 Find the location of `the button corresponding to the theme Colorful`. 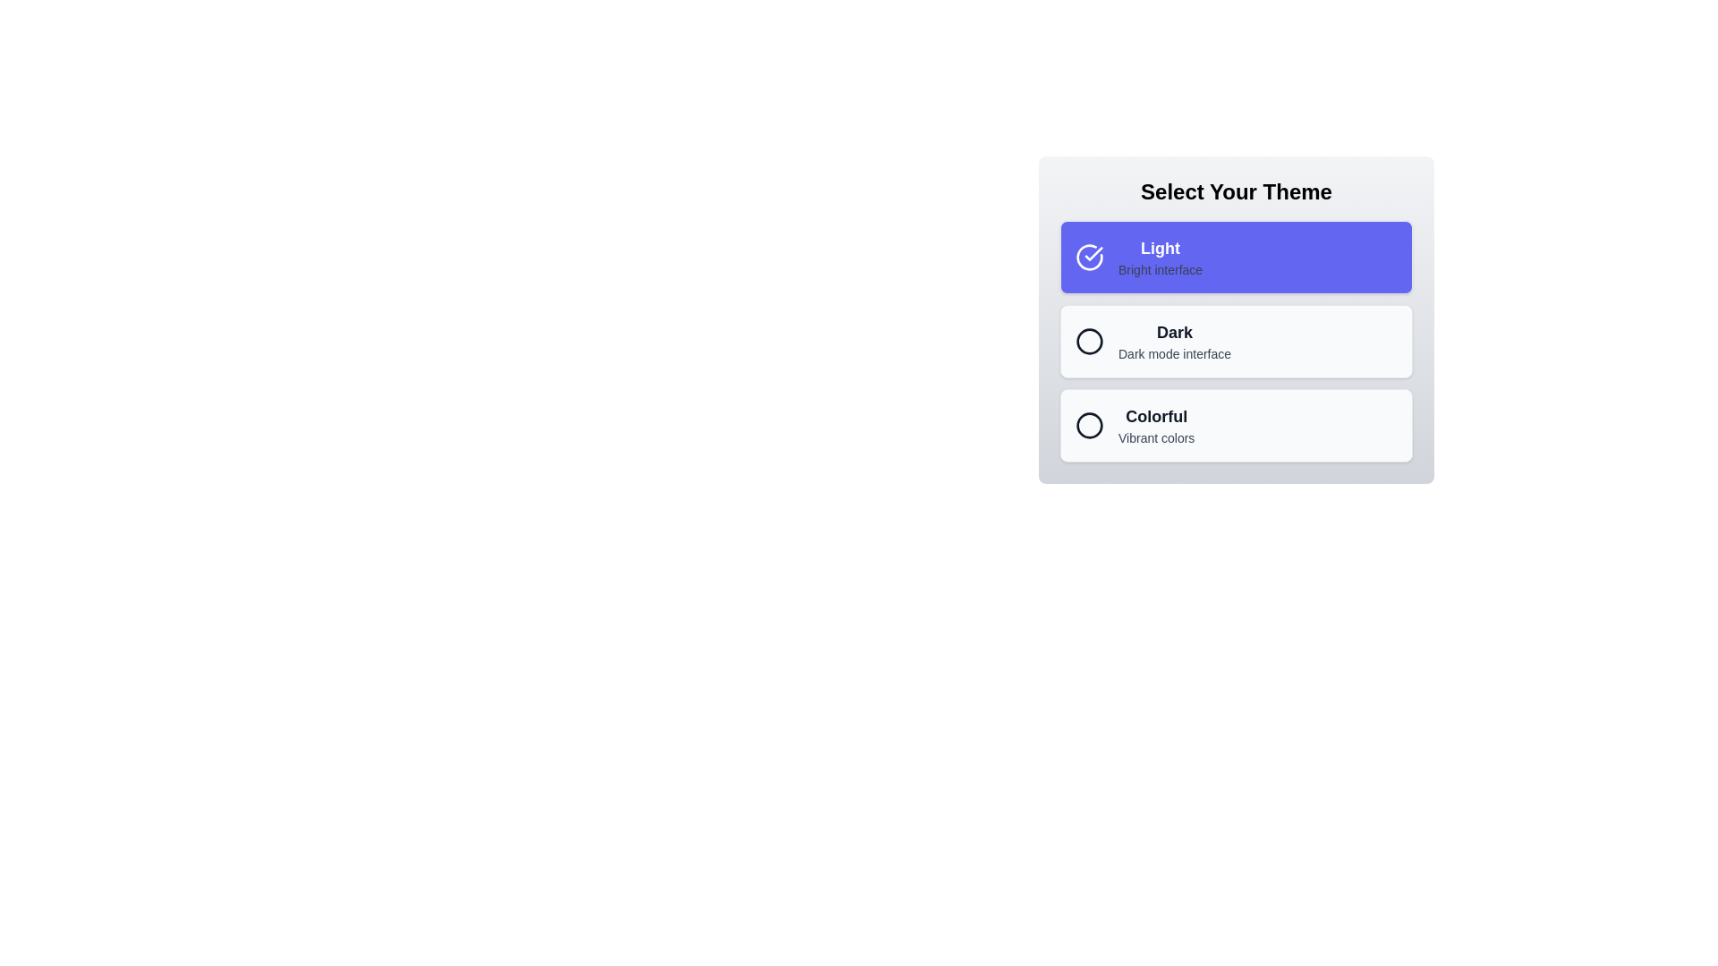

the button corresponding to the theme Colorful is located at coordinates (1236, 425).